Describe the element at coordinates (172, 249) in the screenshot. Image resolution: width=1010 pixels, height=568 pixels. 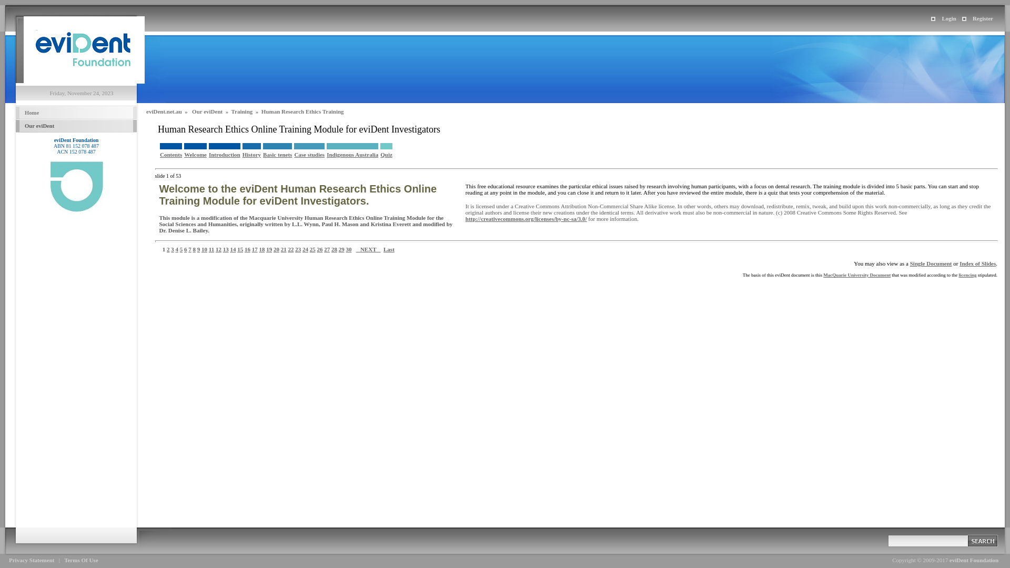
I see `'3'` at that location.